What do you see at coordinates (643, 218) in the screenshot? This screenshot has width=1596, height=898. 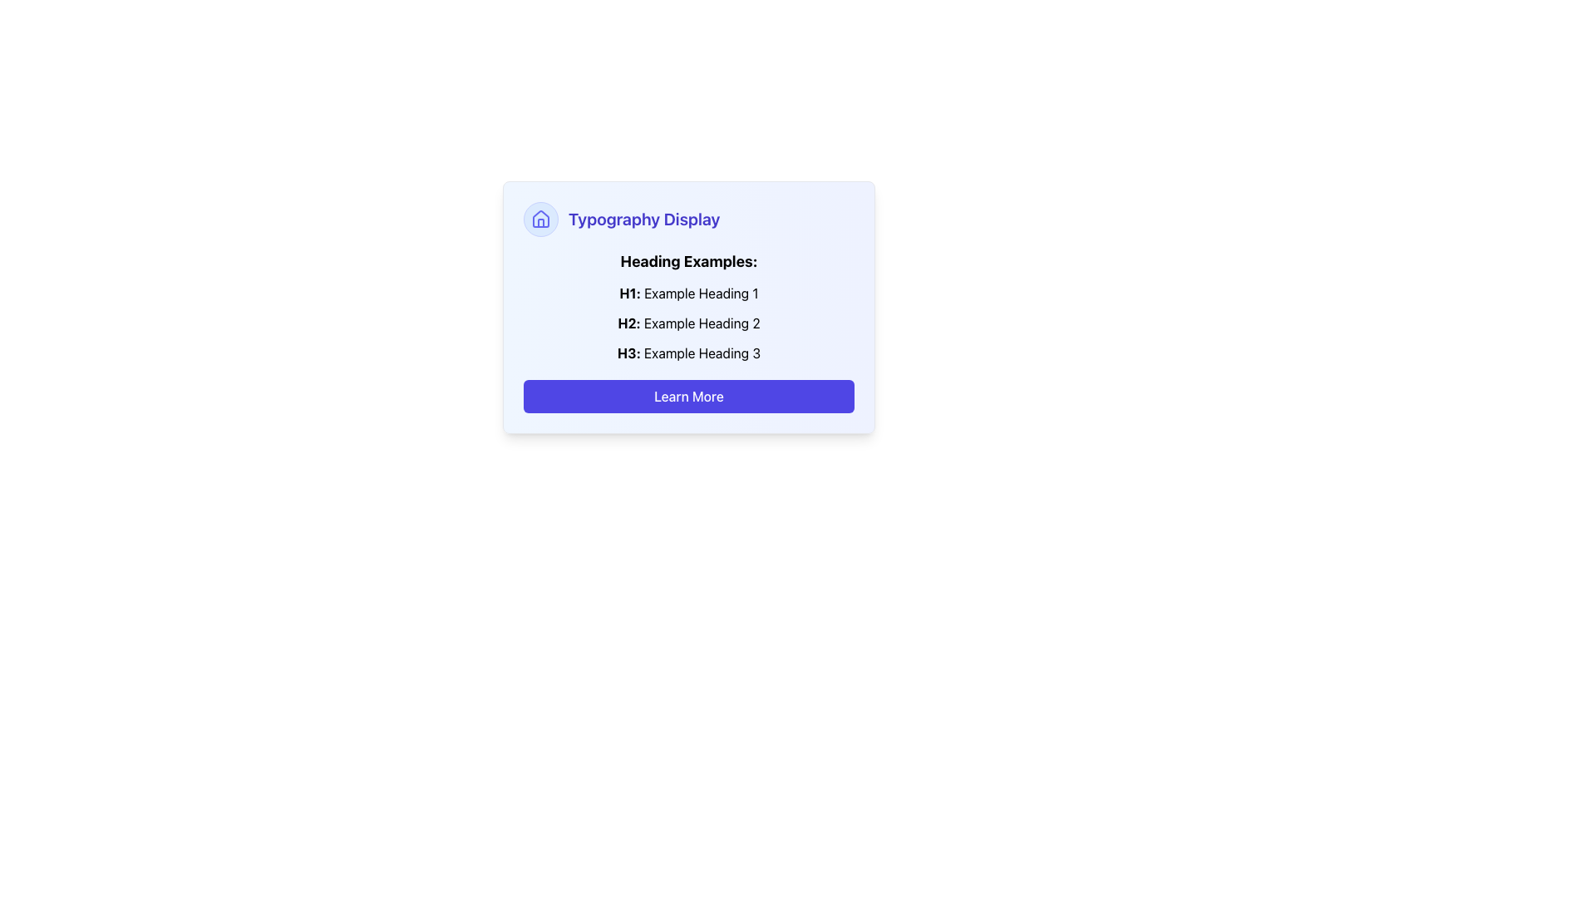 I see `the text 'Typography Display'` at bounding box center [643, 218].